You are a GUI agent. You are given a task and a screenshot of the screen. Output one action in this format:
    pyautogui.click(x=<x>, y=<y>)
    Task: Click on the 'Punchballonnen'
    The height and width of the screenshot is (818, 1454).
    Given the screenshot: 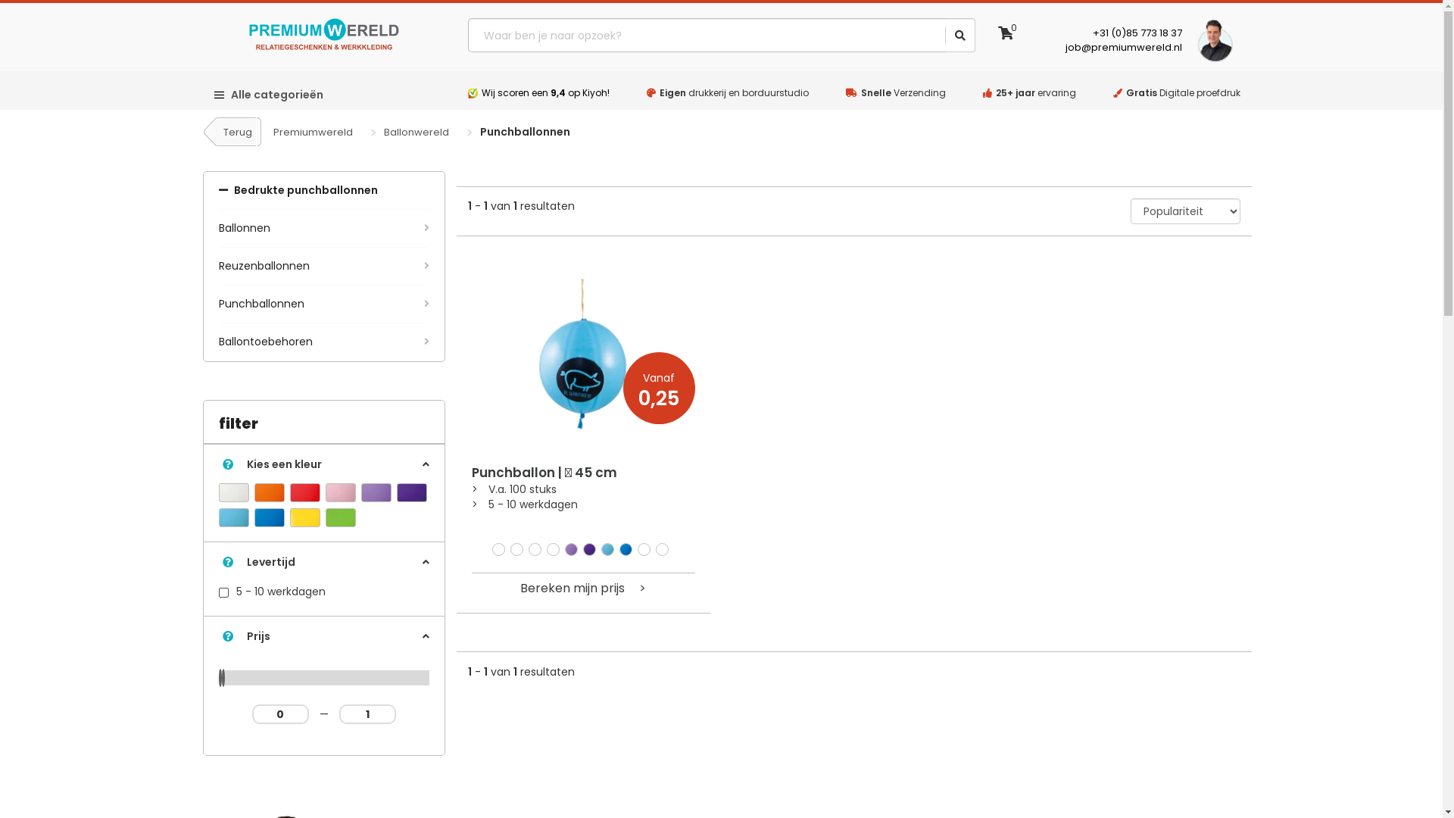 What is the action you would take?
    pyautogui.click(x=323, y=304)
    